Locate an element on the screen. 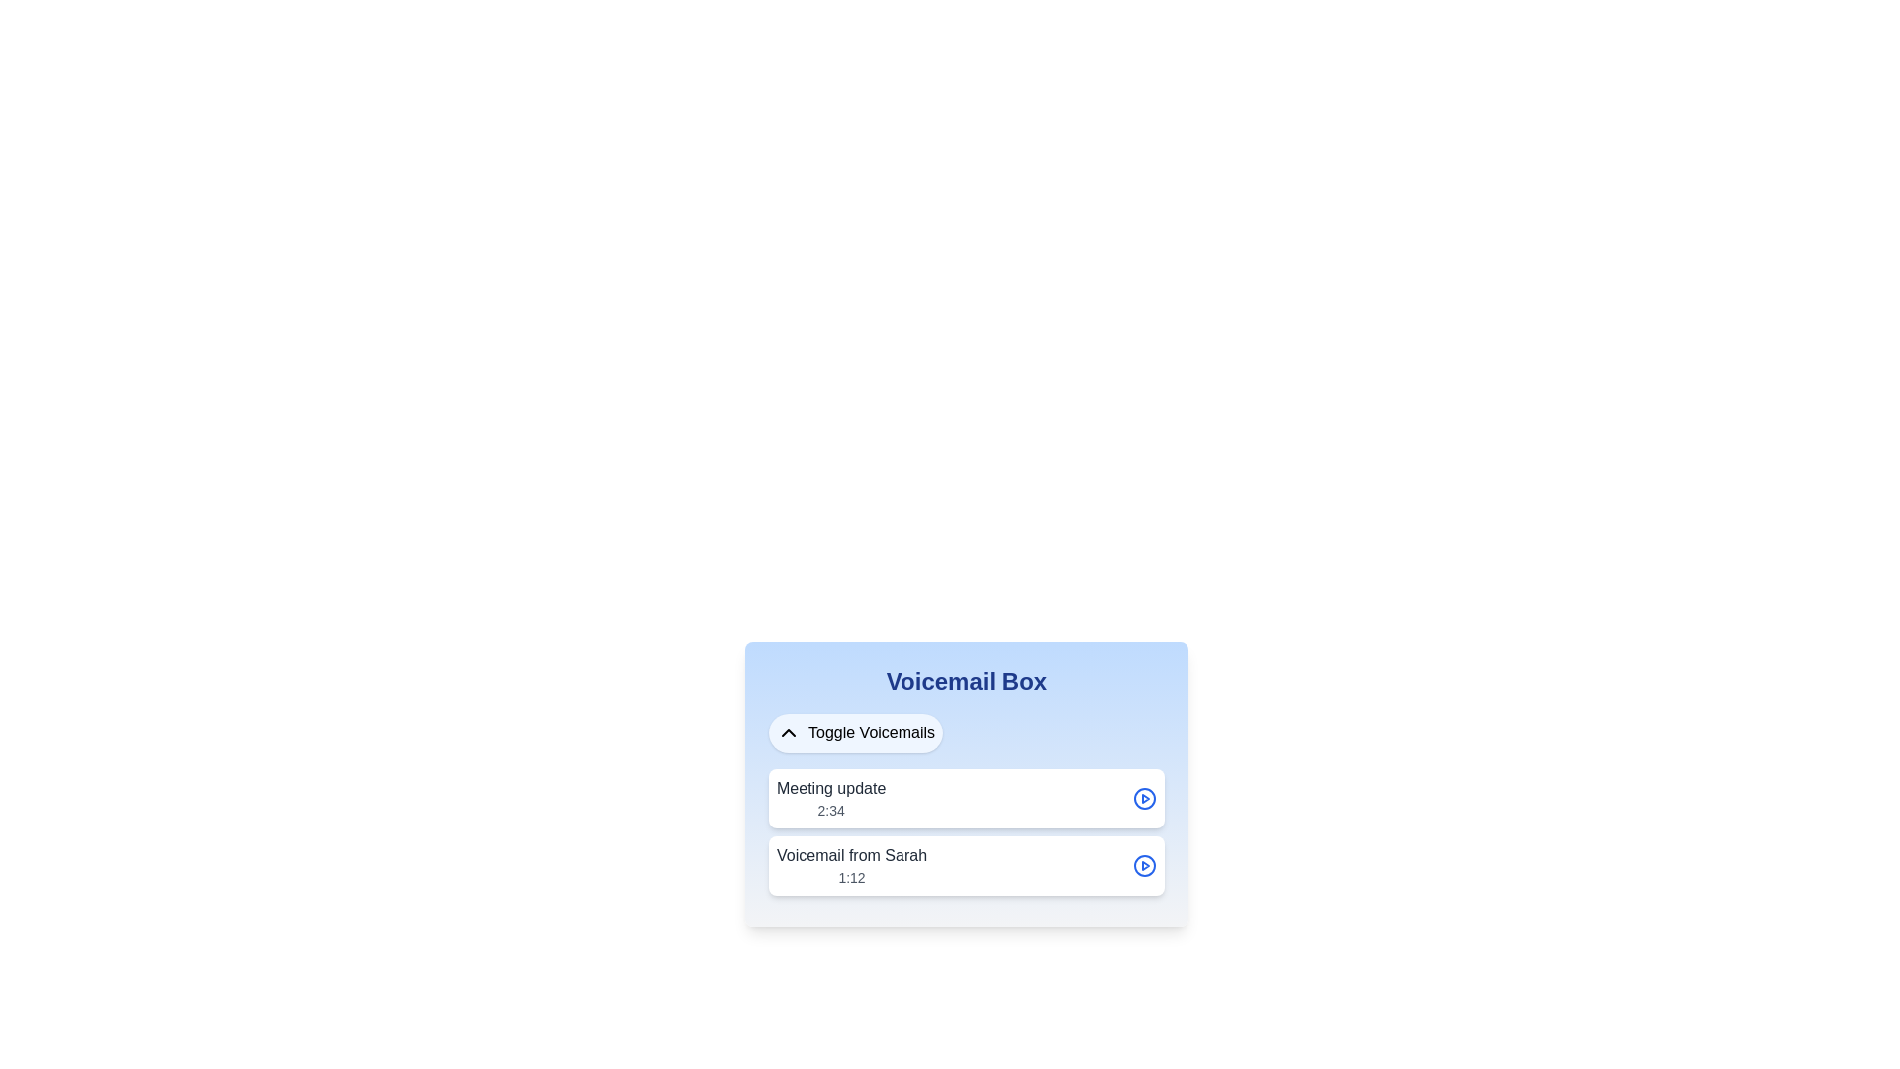 Image resolution: width=1900 pixels, height=1069 pixels. the Play button represented by a circular shape with a blue border and a white fill, which is located to the right of the text label 'Meeting update' in the Voicemail Box is located at coordinates (1144, 865).